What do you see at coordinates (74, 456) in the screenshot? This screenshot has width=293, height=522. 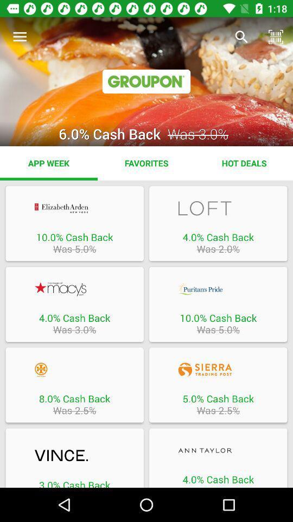 I see `the deals` at bounding box center [74, 456].